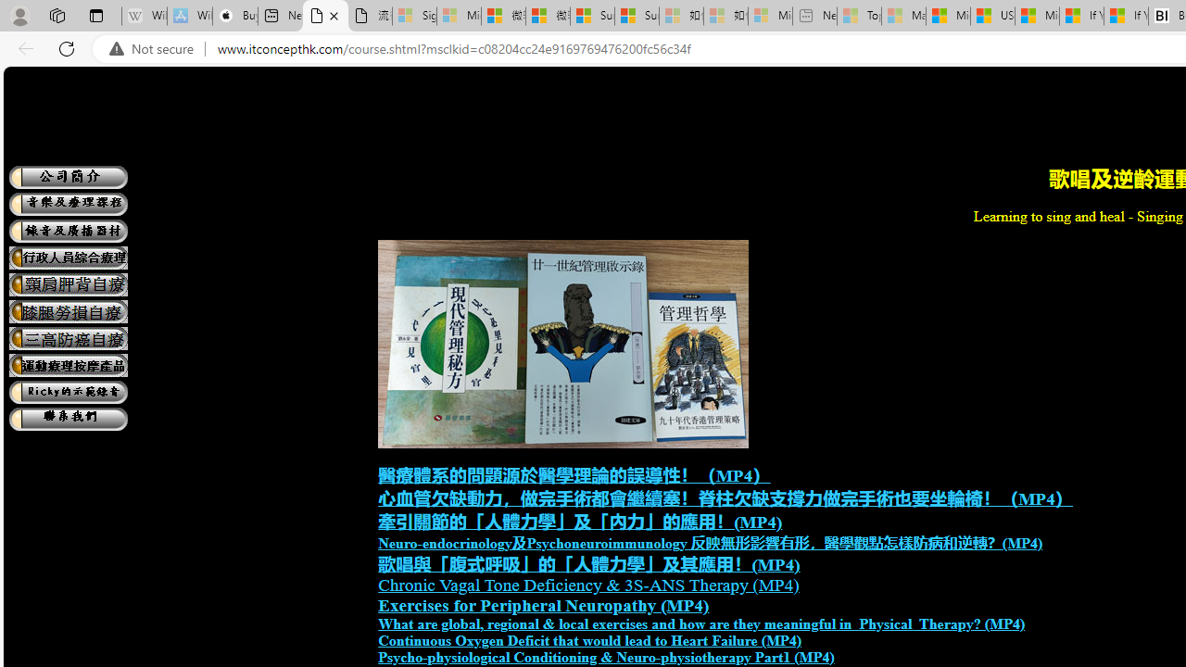 This screenshot has width=1186, height=667. What do you see at coordinates (858, 16) in the screenshot?
I see `'Top Stories - MSN - Sleeping'` at bounding box center [858, 16].